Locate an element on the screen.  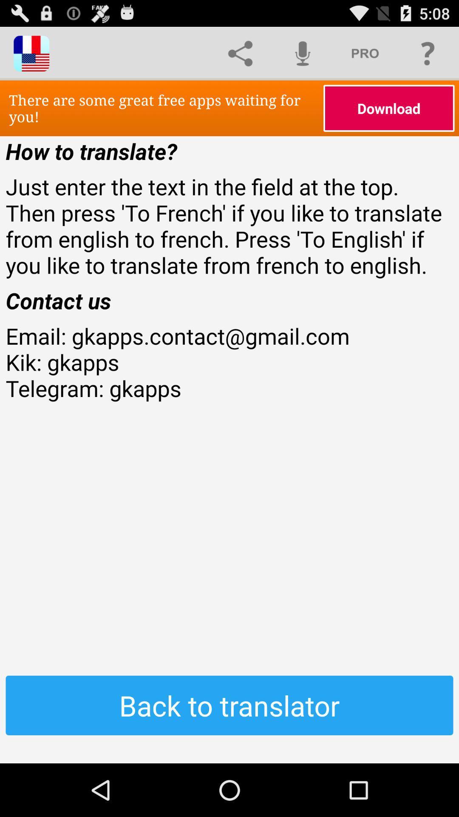
the email gkapps contact is located at coordinates (229, 388).